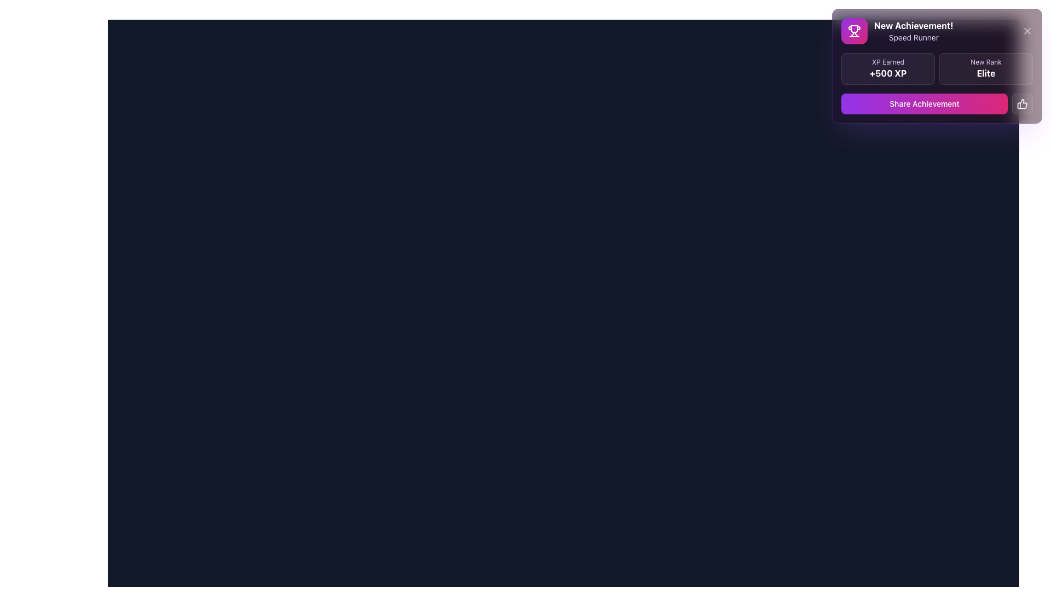 The width and height of the screenshot is (1051, 591). What do you see at coordinates (853, 31) in the screenshot?
I see `the square-shaped icon with a rounded border, featuring a gradient background from purple to pink and a white trophy icon at its center, located at the top right corner of the interface` at bounding box center [853, 31].